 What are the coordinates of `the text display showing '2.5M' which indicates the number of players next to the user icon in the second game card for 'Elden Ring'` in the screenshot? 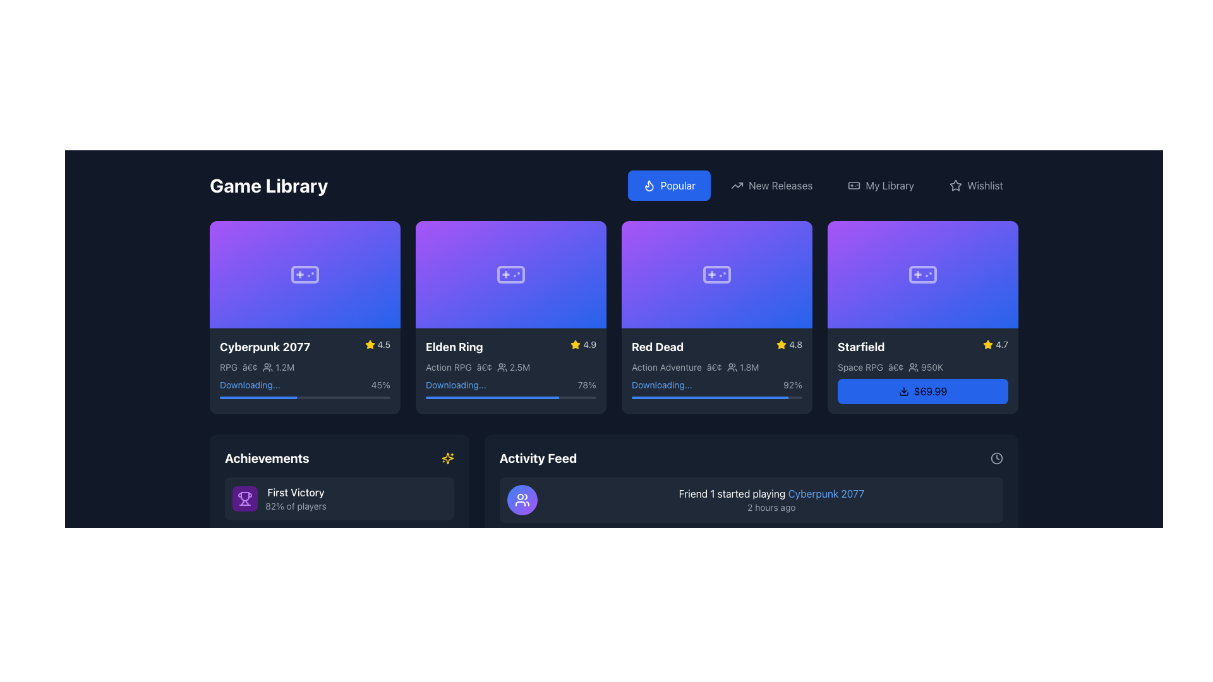 It's located at (520, 367).